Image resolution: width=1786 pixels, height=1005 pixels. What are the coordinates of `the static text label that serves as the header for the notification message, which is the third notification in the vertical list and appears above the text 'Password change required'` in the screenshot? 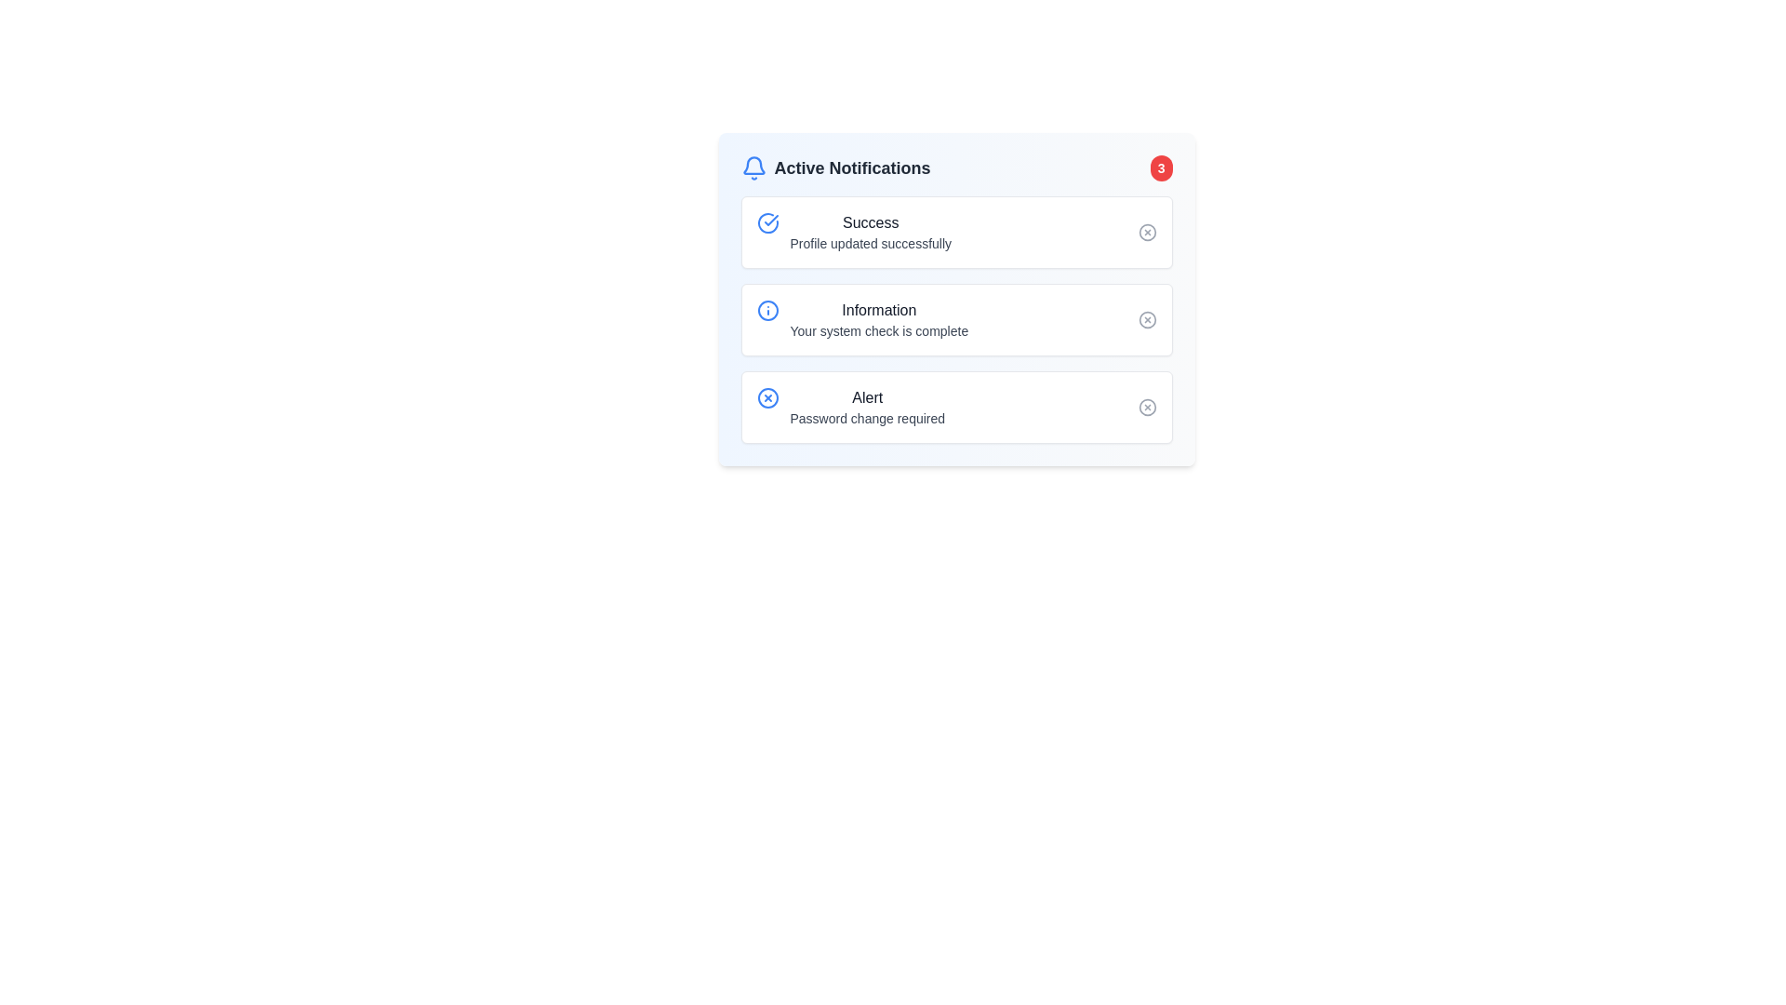 It's located at (866, 397).